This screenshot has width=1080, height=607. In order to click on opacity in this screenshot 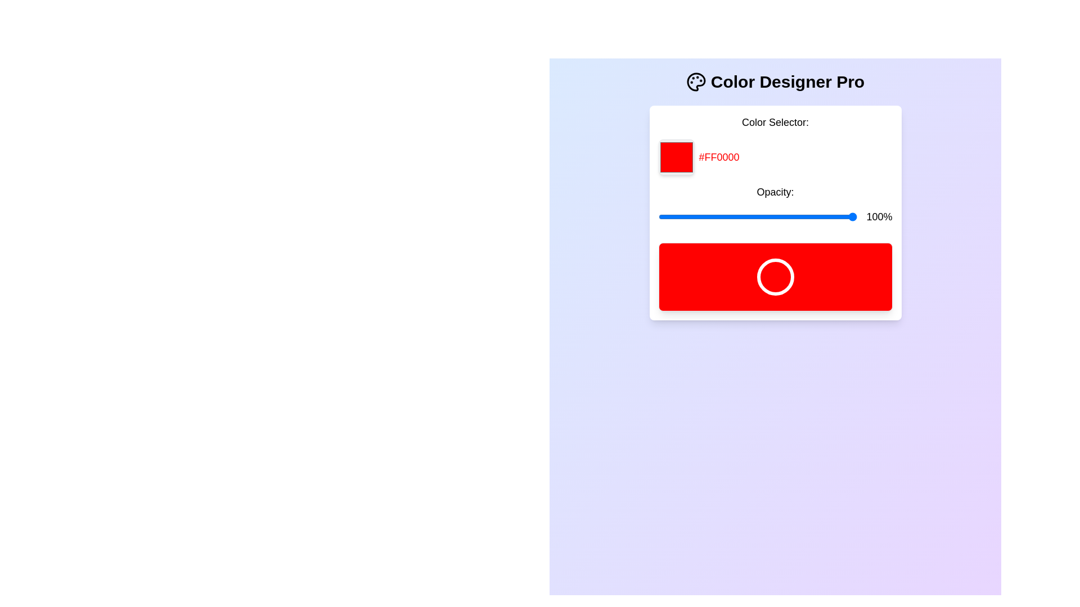, I will do `click(676, 216)`.